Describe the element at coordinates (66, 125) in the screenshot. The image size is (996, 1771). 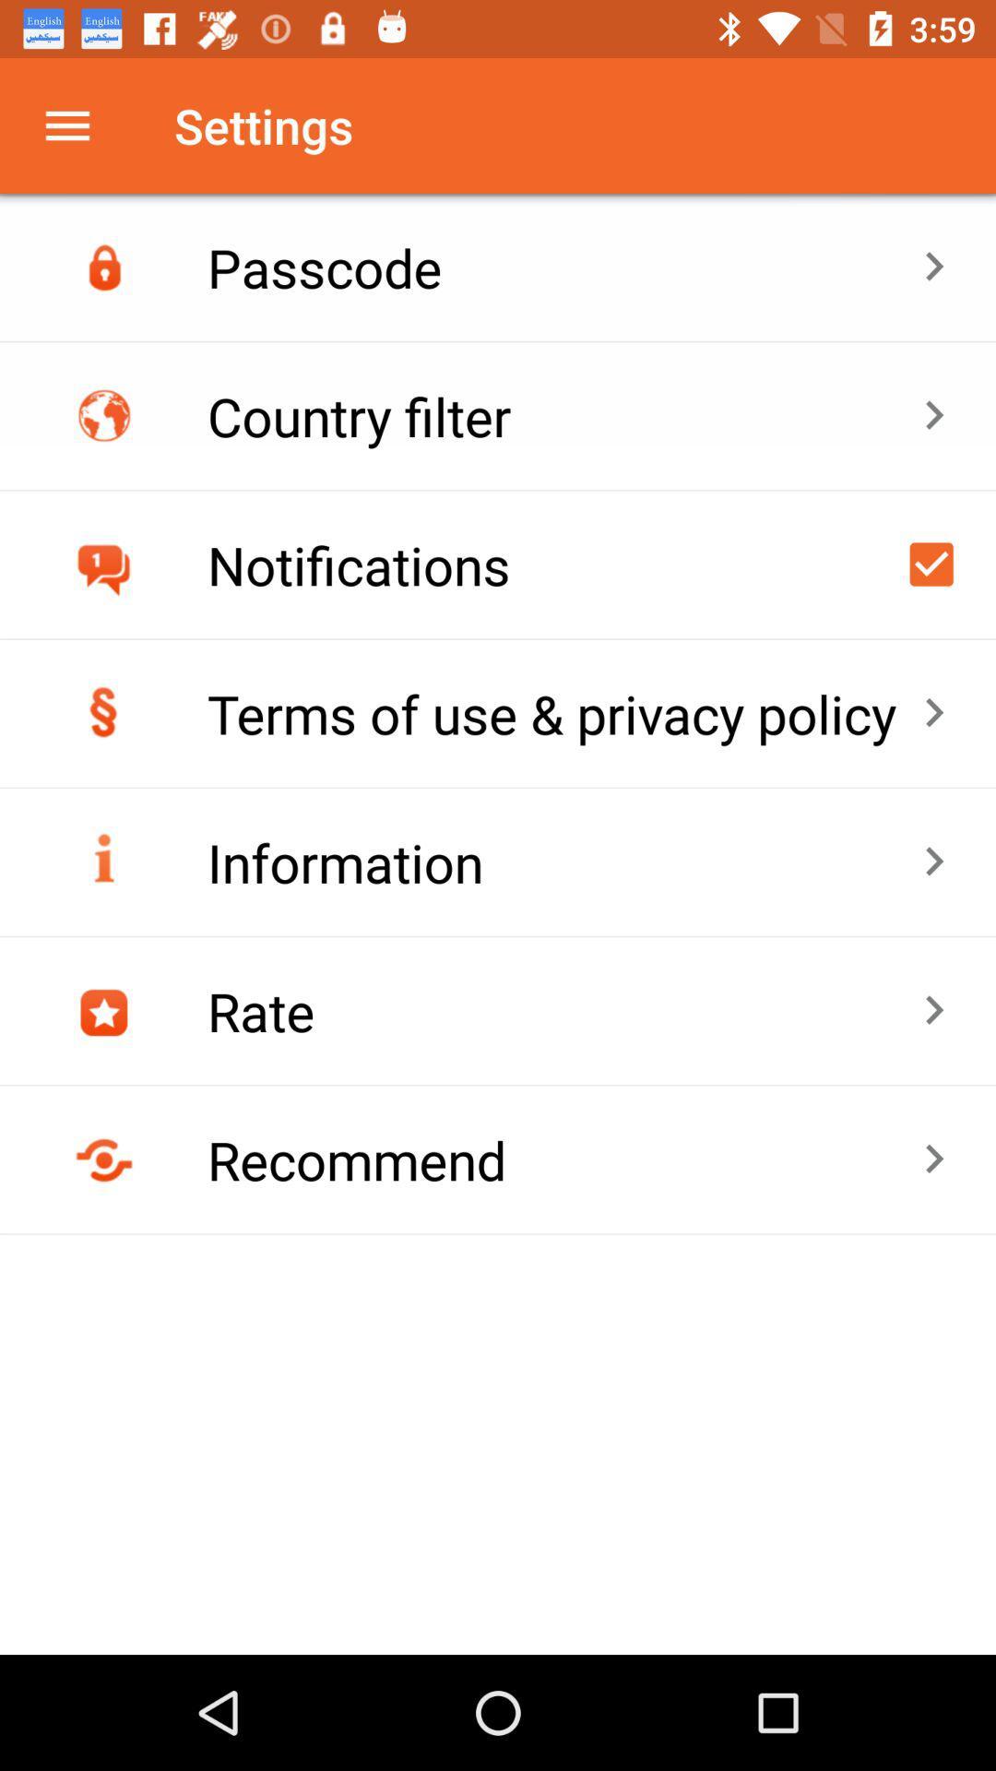
I see `the icon to the left of the settings icon` at that location.